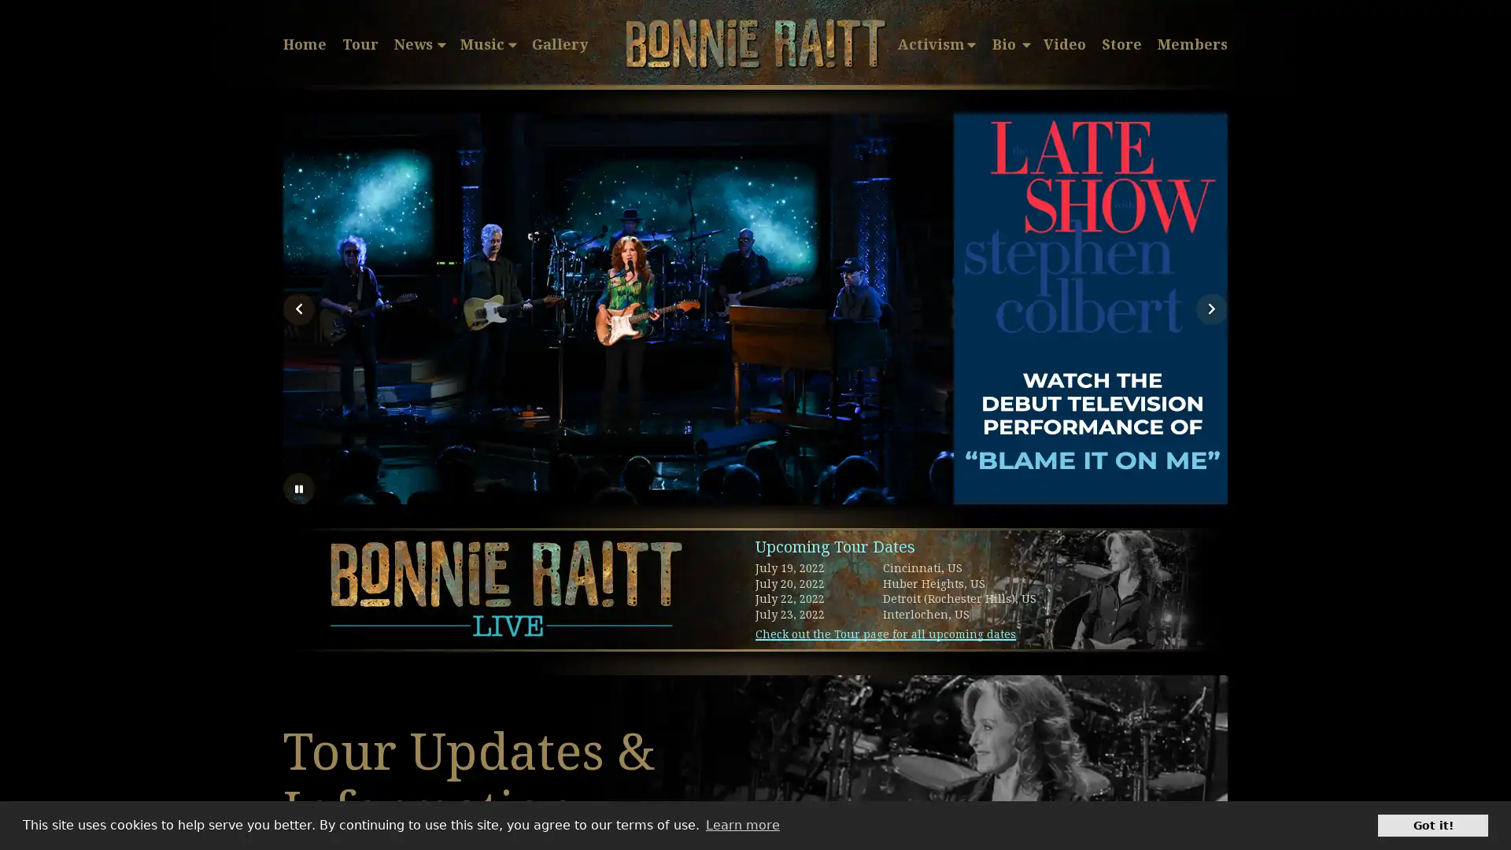 The height and width of the screenshot is (850, 1511). What do you see at coordinates (298, 488) in the screenshot?
I see `Stop automatic slide show` at bounding box center [298, 488].